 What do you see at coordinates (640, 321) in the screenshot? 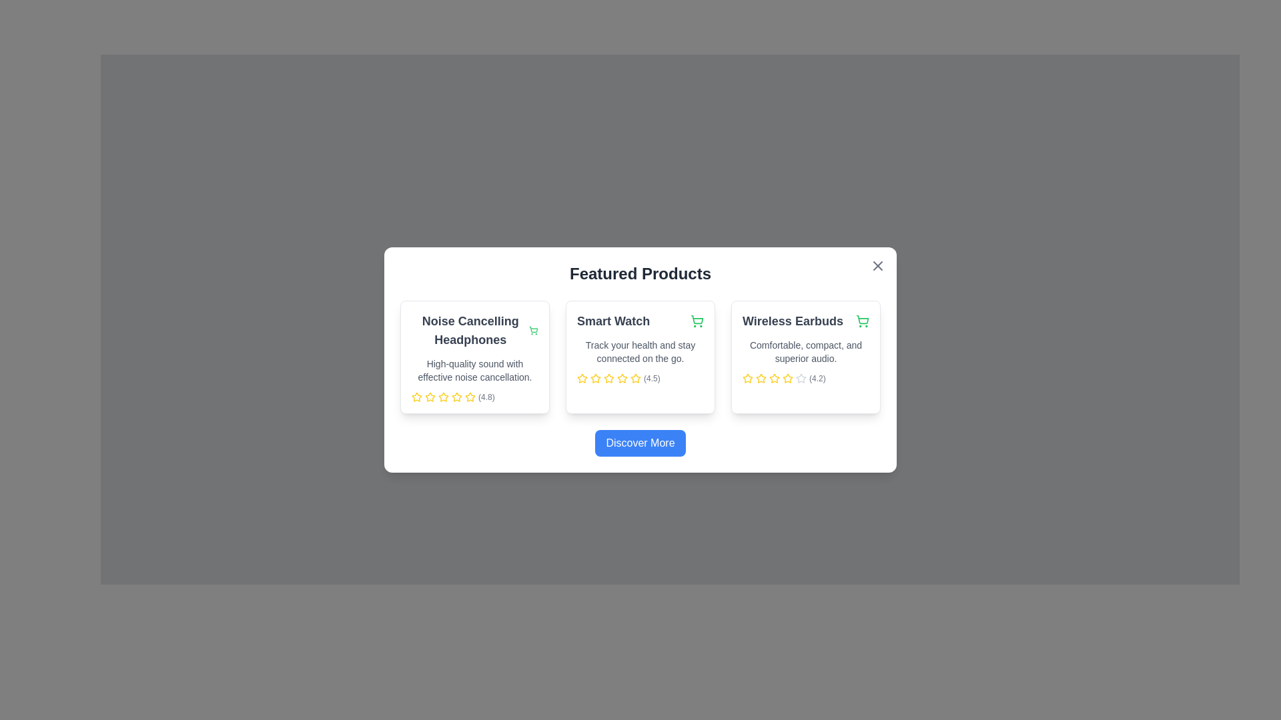
I see `the 'Smart Watch' text label, which is positioned at the top center of the middle card in the 'Featured Products' modal` at bounding box center [640, 321].